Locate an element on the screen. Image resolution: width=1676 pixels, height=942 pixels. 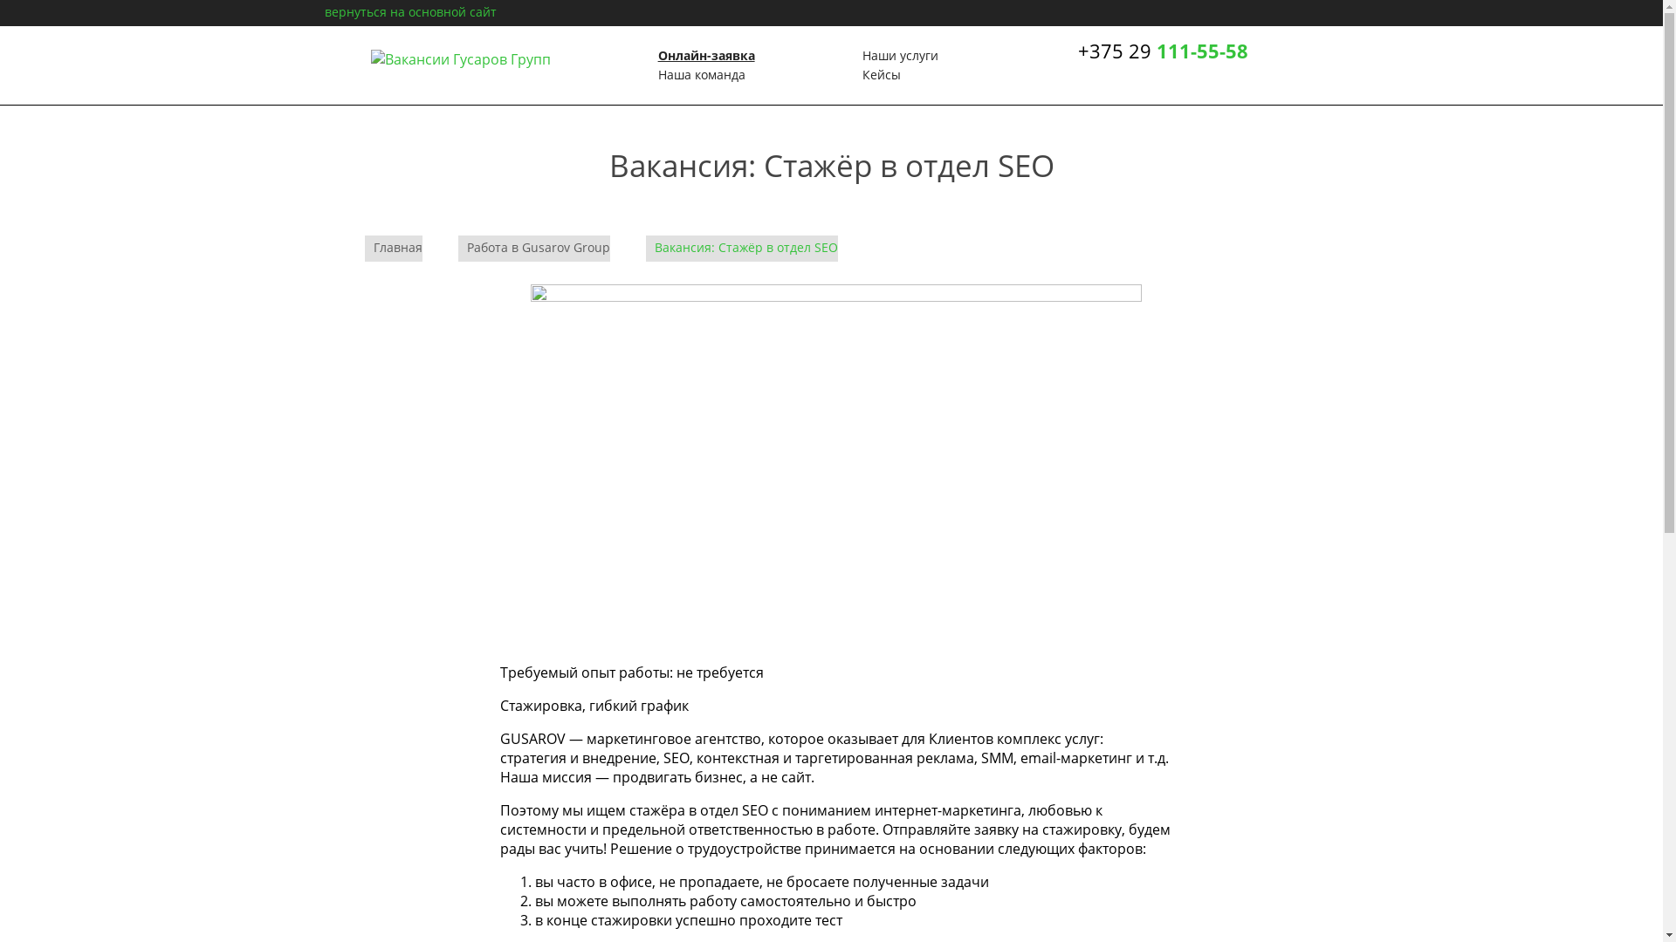
'+375 29 111-55-58' is located at coordinates (1163, 49).